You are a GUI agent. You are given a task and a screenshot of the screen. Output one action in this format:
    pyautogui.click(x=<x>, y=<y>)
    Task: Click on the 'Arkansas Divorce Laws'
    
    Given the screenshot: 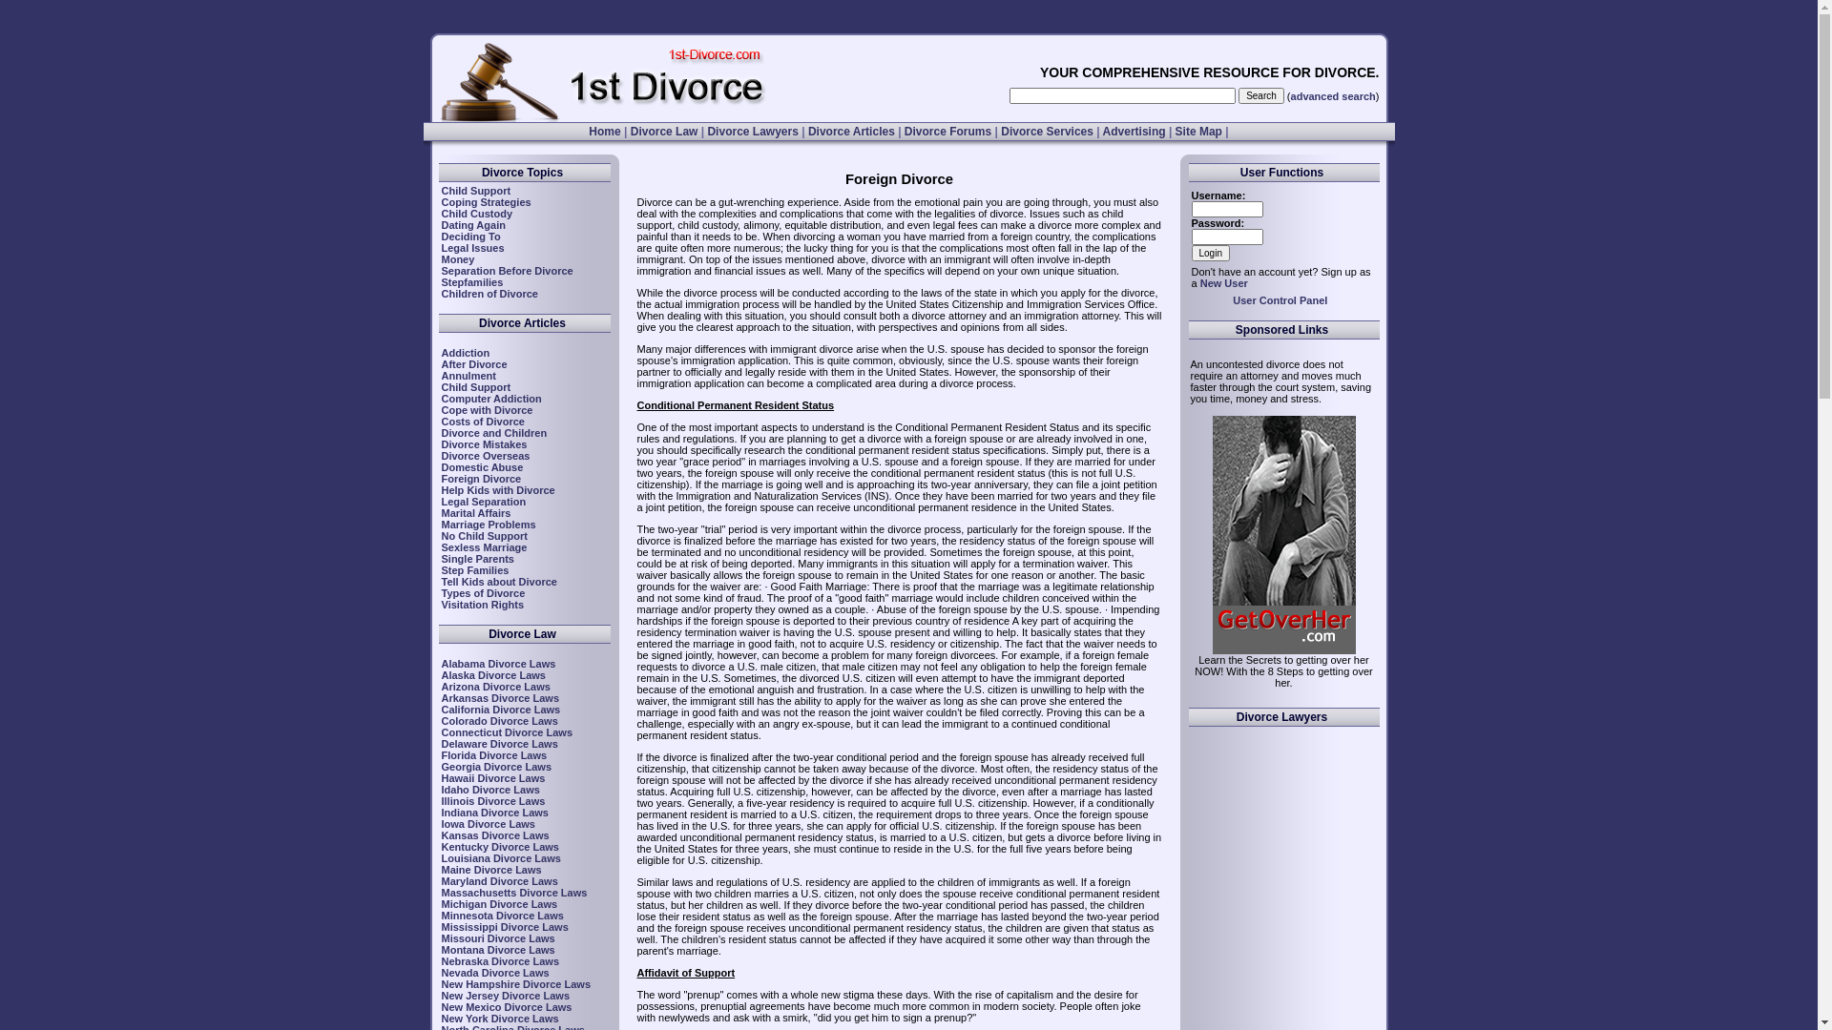 What is the action you would take?
    pyautogui.click(x=499, y=698)
    